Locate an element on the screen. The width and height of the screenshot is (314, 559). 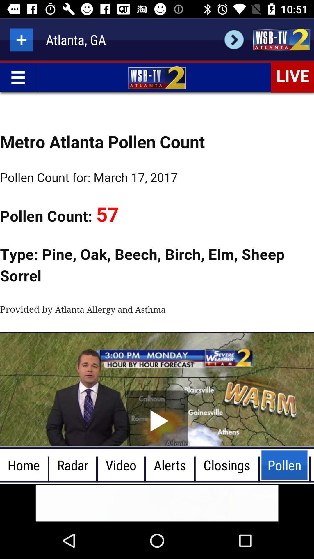
location is located at coordinates (21, 39).